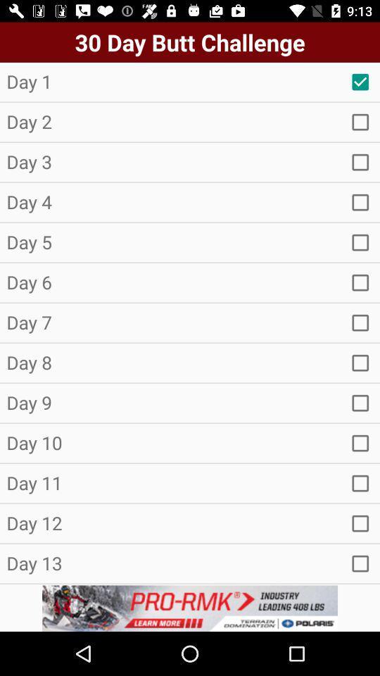 The width and height of the screenshot is (380, 676). I want to click on new pega, so click(360, 242).